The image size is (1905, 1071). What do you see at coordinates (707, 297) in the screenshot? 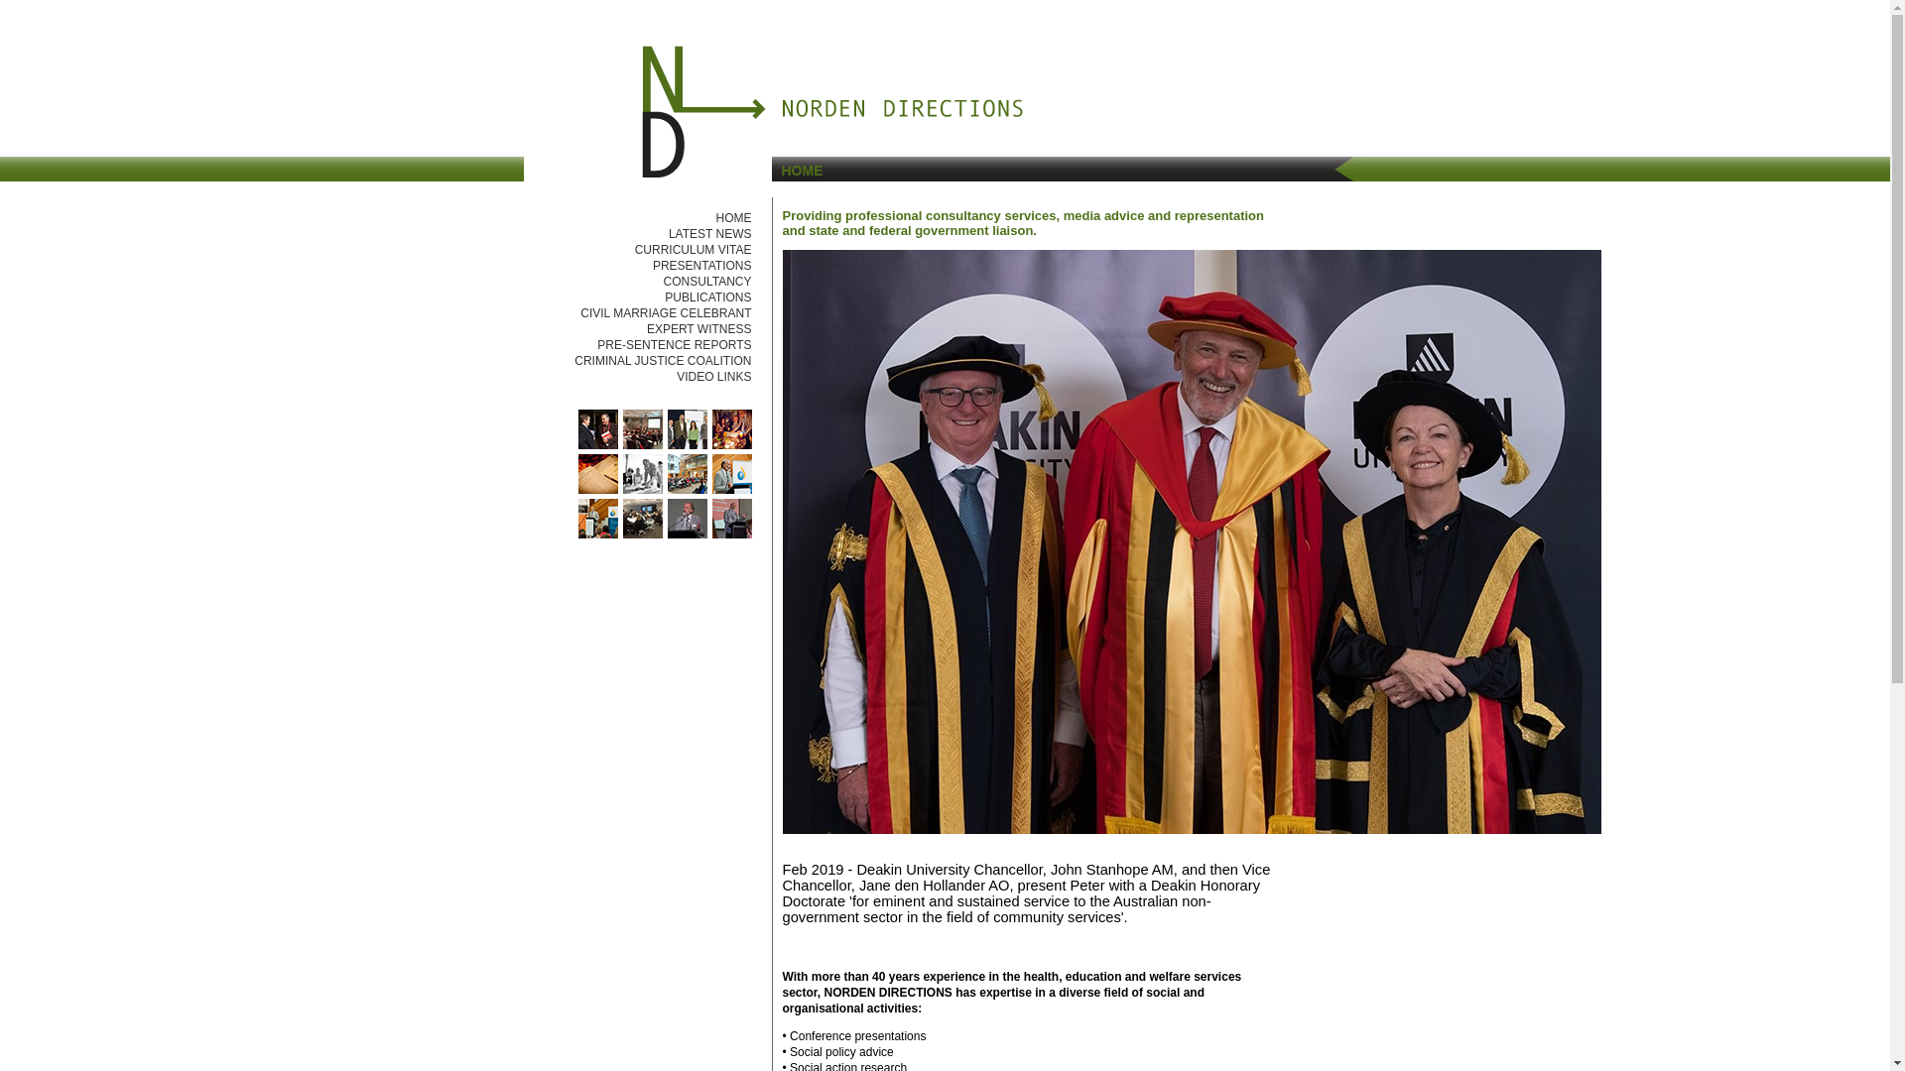
I see `'PUBLICATIONS'` at bounding box center [707, 297].